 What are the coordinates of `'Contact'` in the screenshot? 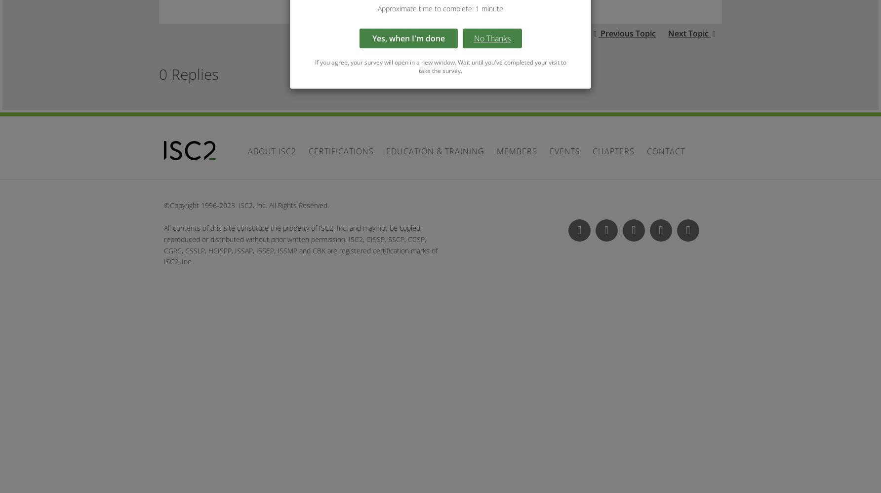 It's located at (666, 151).